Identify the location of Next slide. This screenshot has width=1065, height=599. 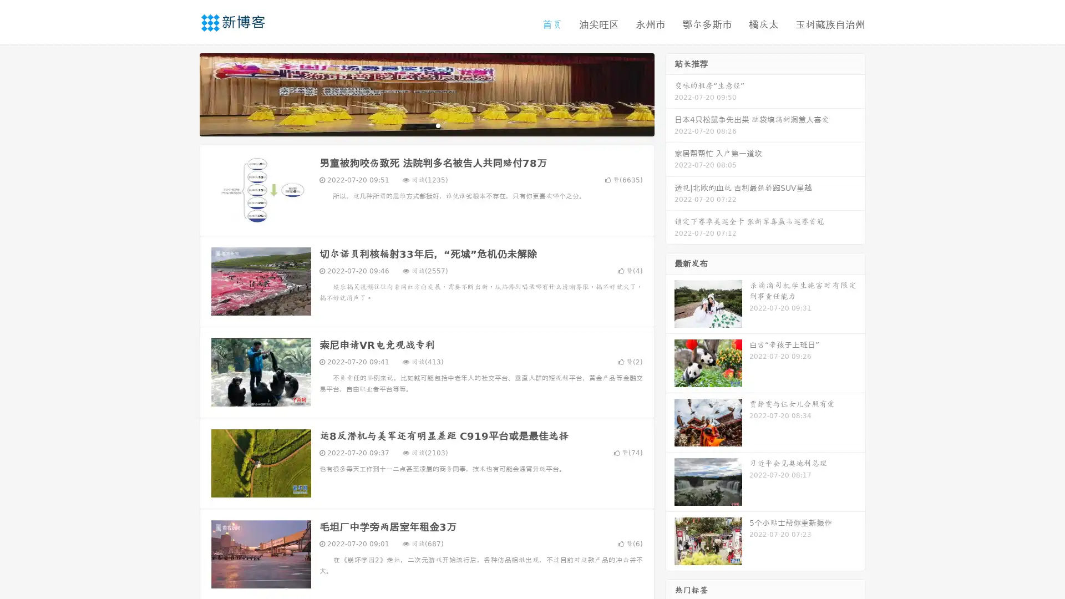
(670, 93).